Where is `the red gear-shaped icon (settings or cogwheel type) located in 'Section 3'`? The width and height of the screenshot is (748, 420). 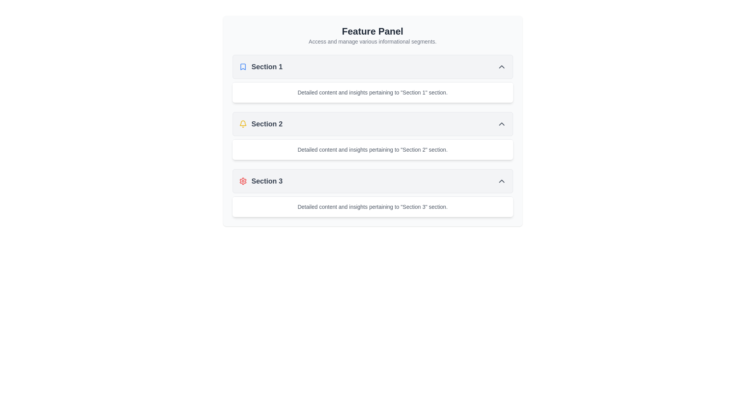 the red gear-shaped icon (settings or cogwheel type) located in 'Section 3' is located at coordinates (242, 181).